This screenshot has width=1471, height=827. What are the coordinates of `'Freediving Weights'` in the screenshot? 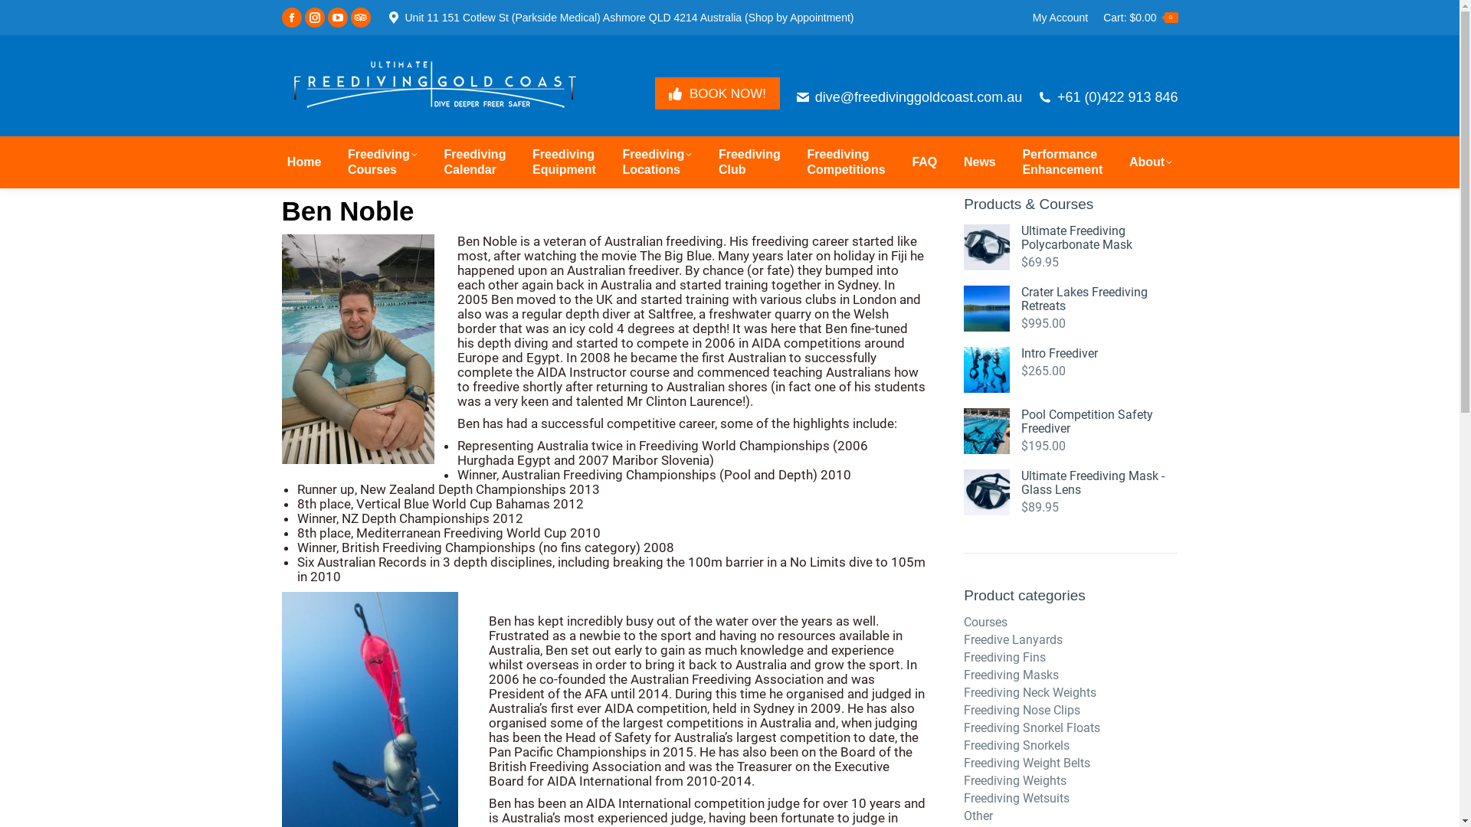 It's located at (1014, 780).